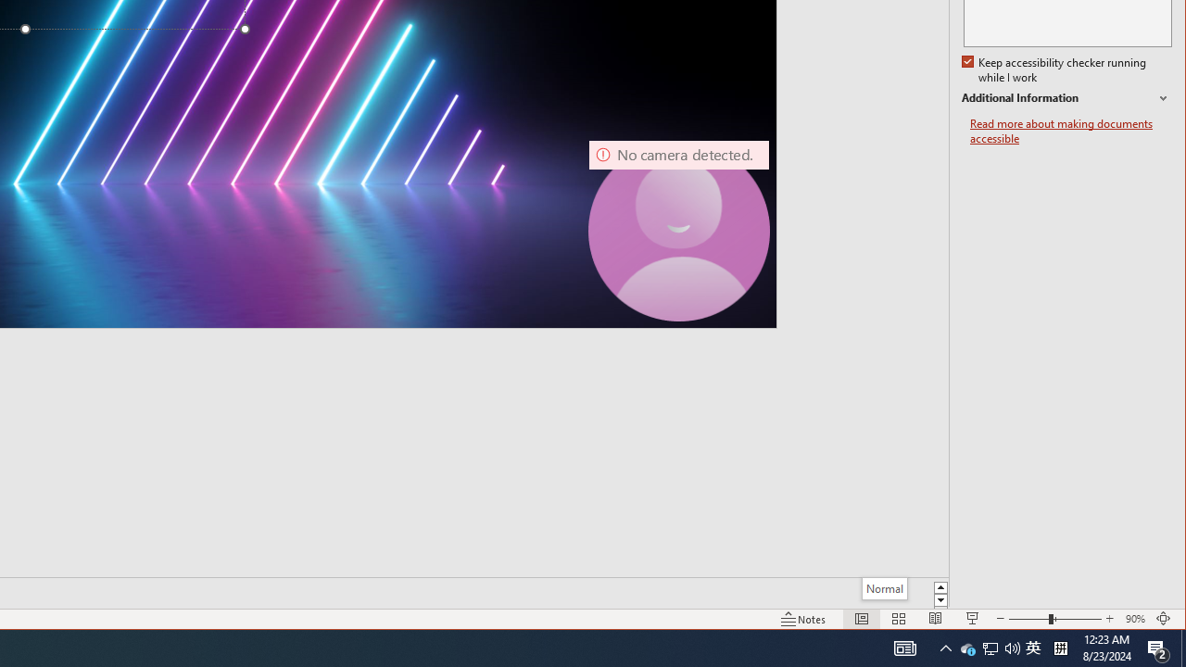 This screenshot has width=1186, height=667. Describe the element at coordinates (1158, 647) in the screenshot. I see `'Action Center, 2 new notifications'` at that location.